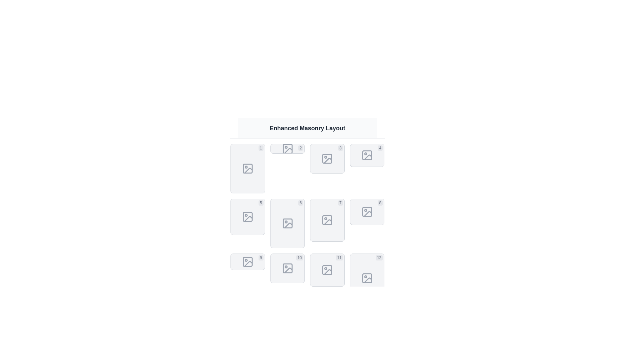 This screenshot has height=357, width=634. Describe the element at coordinates (247, 261) in the screenshot. I see `the Graphical placeholder icon, which is a grayscale image placeholder with a square outline and rounded corners, located in the ninth item of a grid layout` at that location.